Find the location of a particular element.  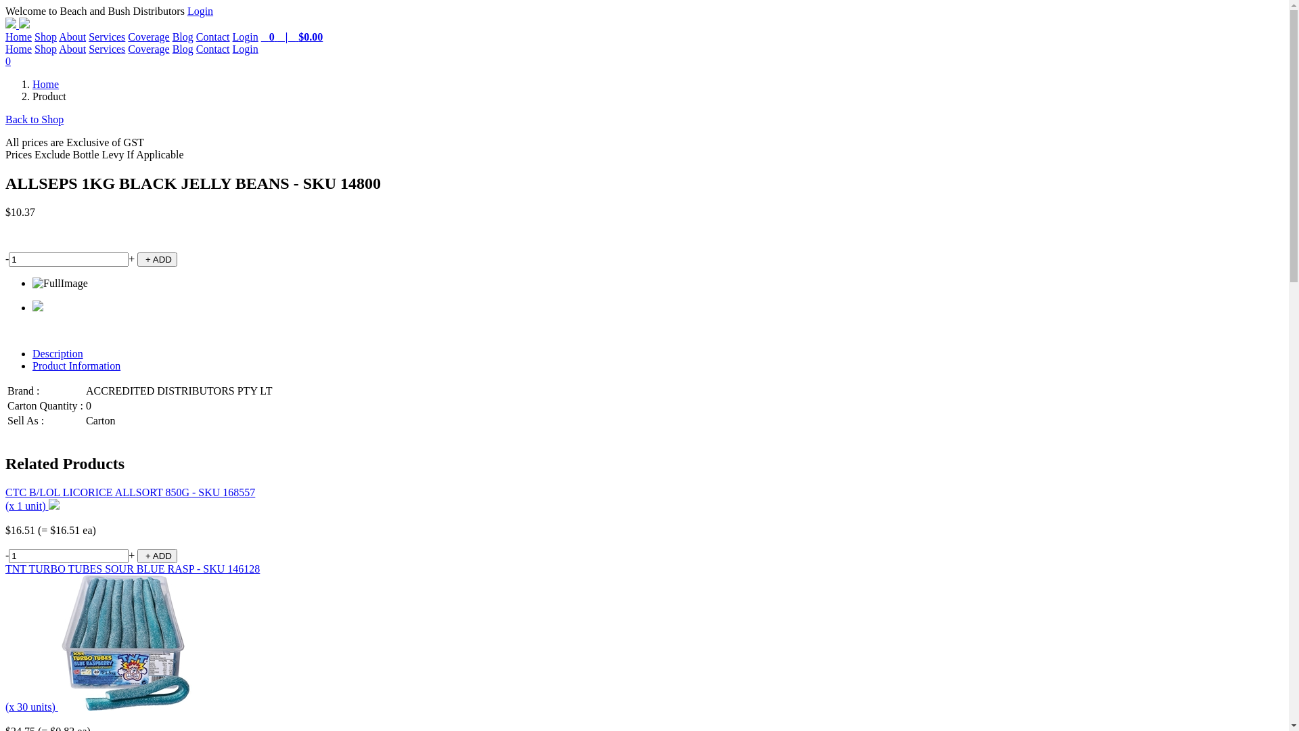

'Login' is located at coordinates (246, 48).